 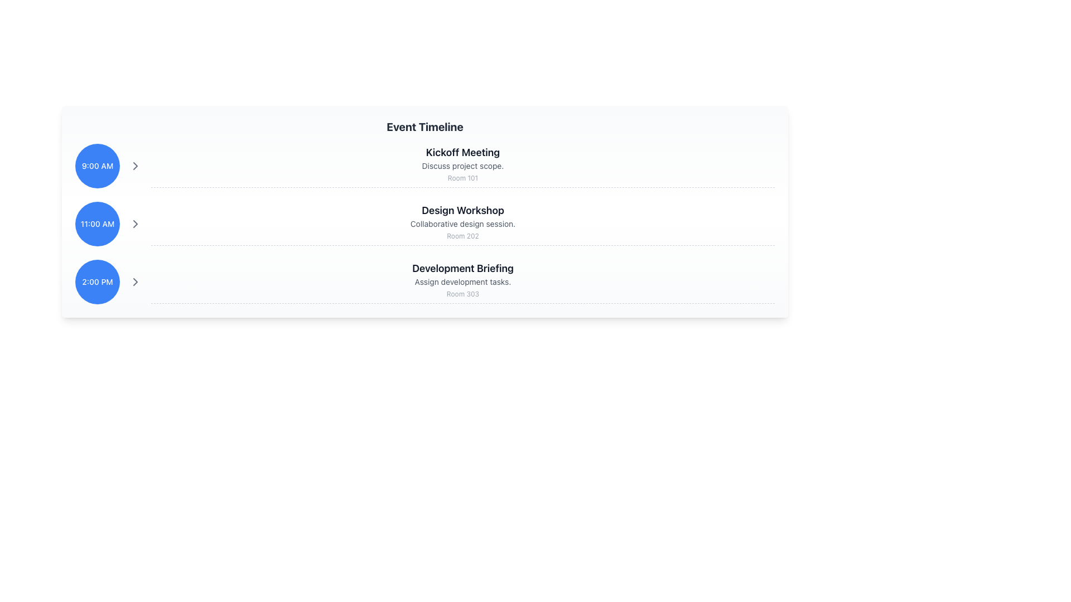 What do you see at coordinates (463, 210) in the screenshot?
I see `prominent header text labeled 'Design Workshop' which is styled in large bold font and is located in the middle of a vertically stacked timeline structure` at bounding box center [463, 210].